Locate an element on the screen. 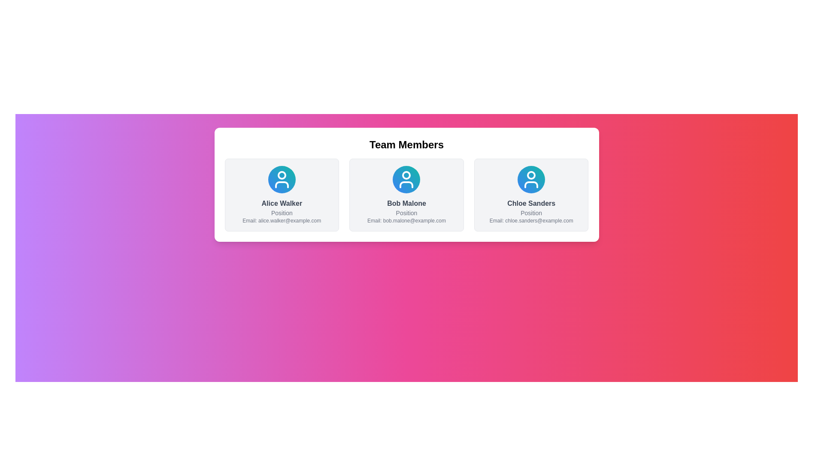 This screenshot has width=824, height=463. the vector graphic representation of a rounded horizontal bar beneath the circle in the profile card labeled 'Alice Walker' is located at coordinates (282, 184).